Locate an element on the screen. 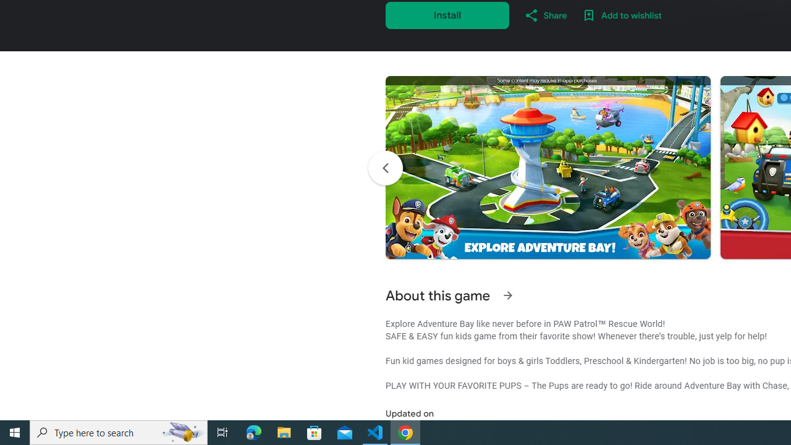 Image resolution: width=791 pixels, height=445 pixels. 'Install' is located at coordinates (446, 15).